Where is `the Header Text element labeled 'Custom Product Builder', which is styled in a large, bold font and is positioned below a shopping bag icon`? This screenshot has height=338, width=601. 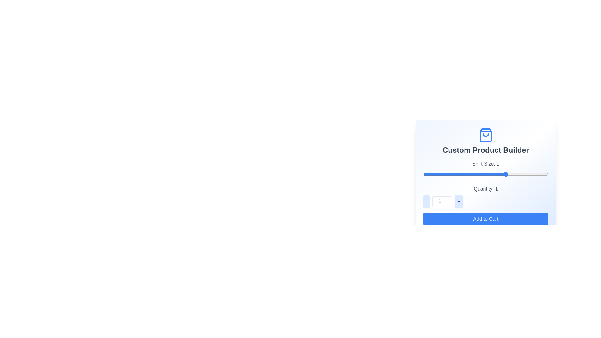 the Header Text element labeled 'Custom Product Builder', which is styled in a large, bold font and is positioned below a shopping bag icon is located at coordinates (485, 150).